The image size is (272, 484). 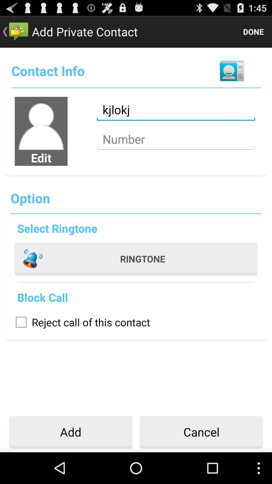 I want to click on cancel item, so click(x=201, y=432).